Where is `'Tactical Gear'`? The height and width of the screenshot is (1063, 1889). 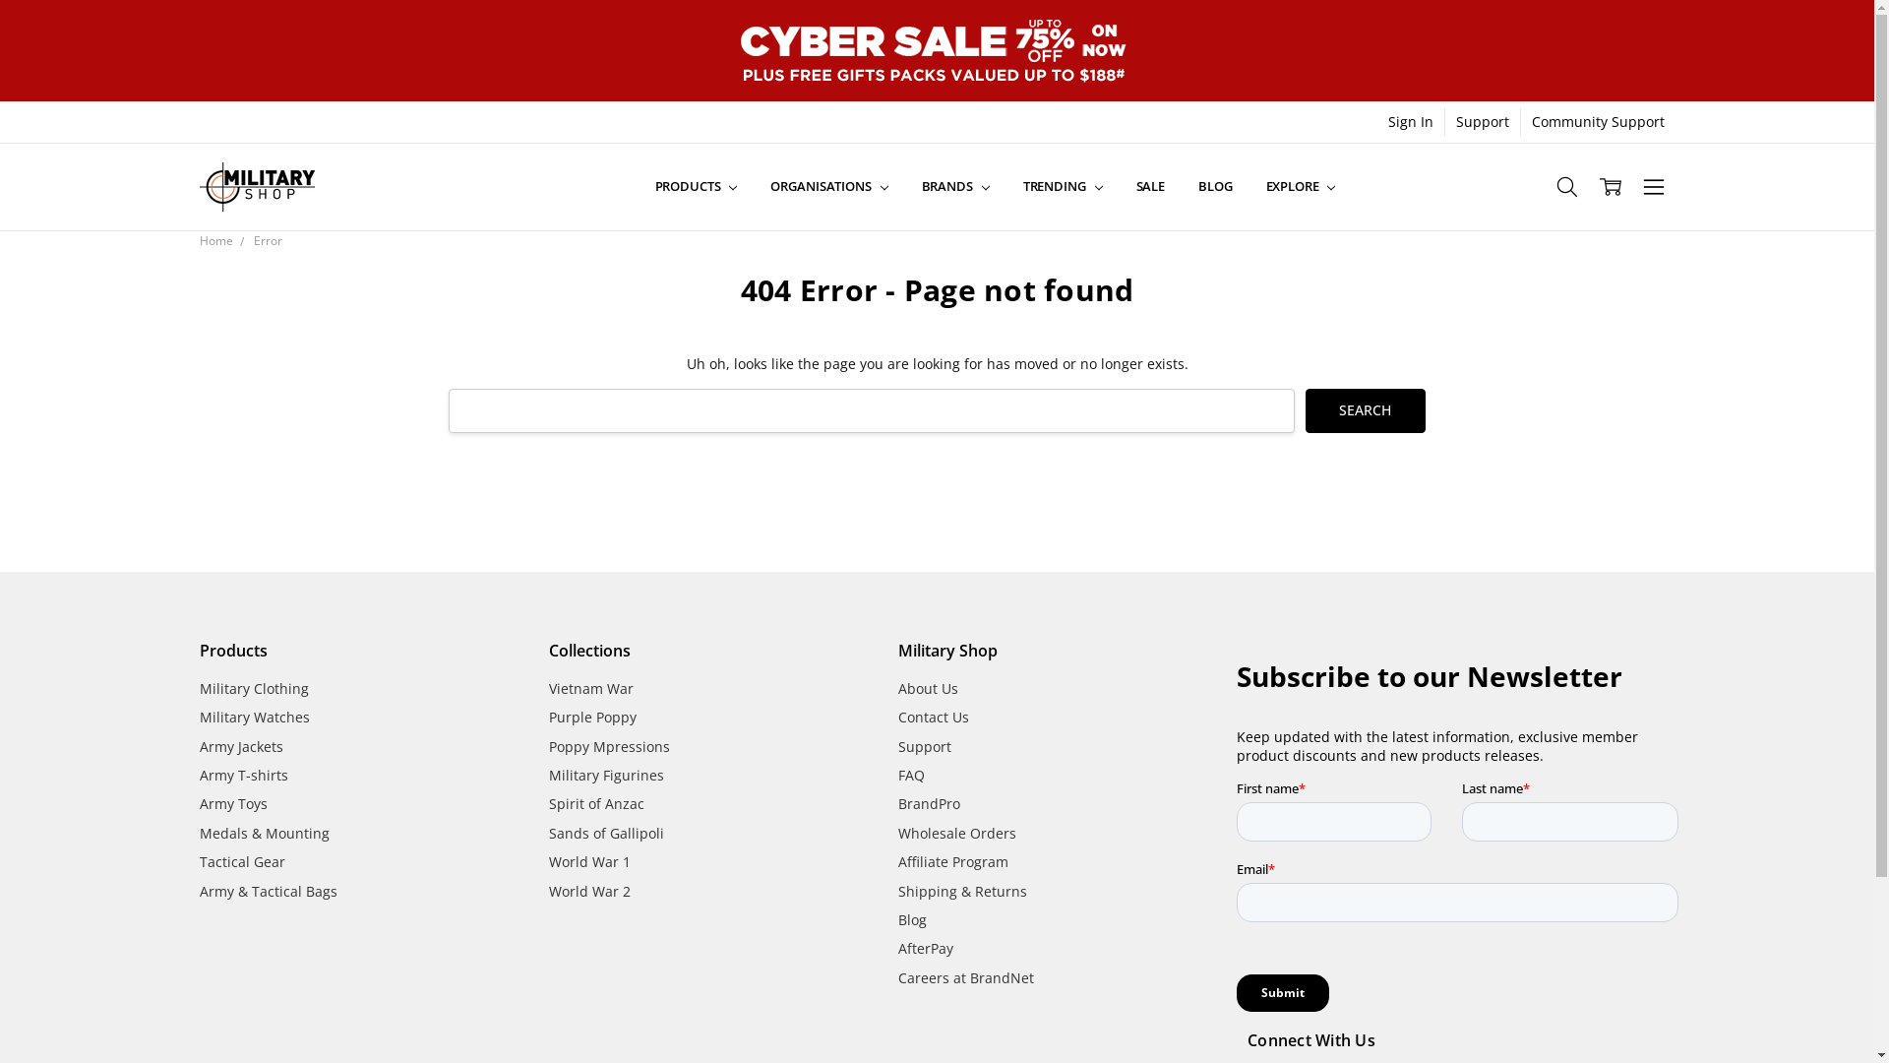 'Tactical Gear' is located at coordinates (240, 860).